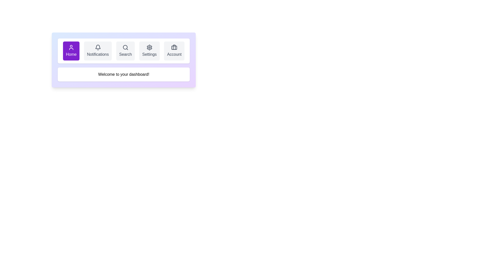  I want to click on the settings icon located in the horizontal navigation bar, which is the fourth icon from the left, so click(149, 47).